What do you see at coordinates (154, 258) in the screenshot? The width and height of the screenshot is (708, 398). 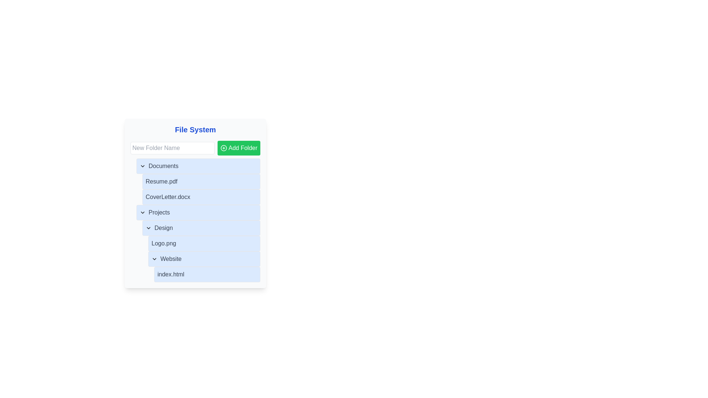 I see `the chevron down indicator icon, which is an outline arrow located to the left of the 'Website' label in the file navigation interface` at bounding box center [154, 258].